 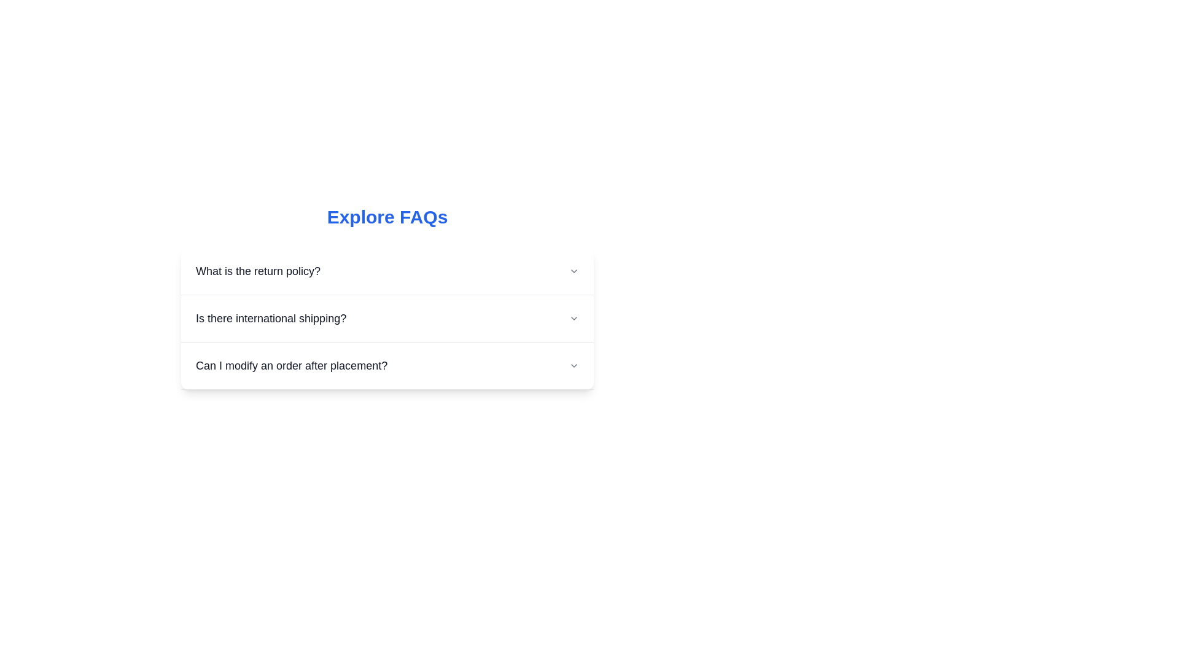 What do you see at coordinates (386, 217) in the screenshot?
I see `text 'Explore FAQs' displayed in large, bold, blue font at the top of the FAQ section` at bounding box center [386, 217].